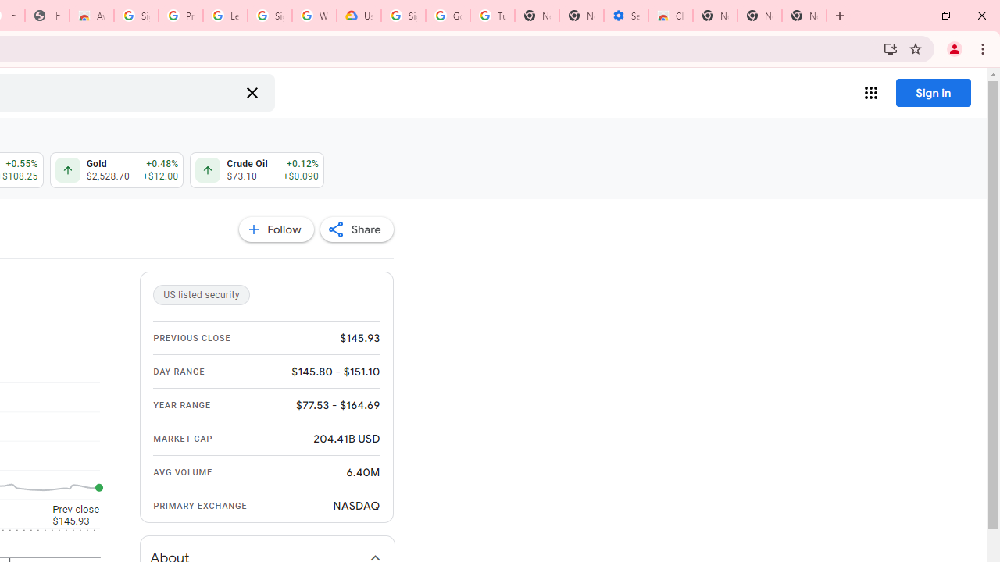 This screenshot has height=562, width=1000. Describe the element at coordinates (270, 16) in the screenshot. I see `'Sign in - Google Accounts'` at that location.